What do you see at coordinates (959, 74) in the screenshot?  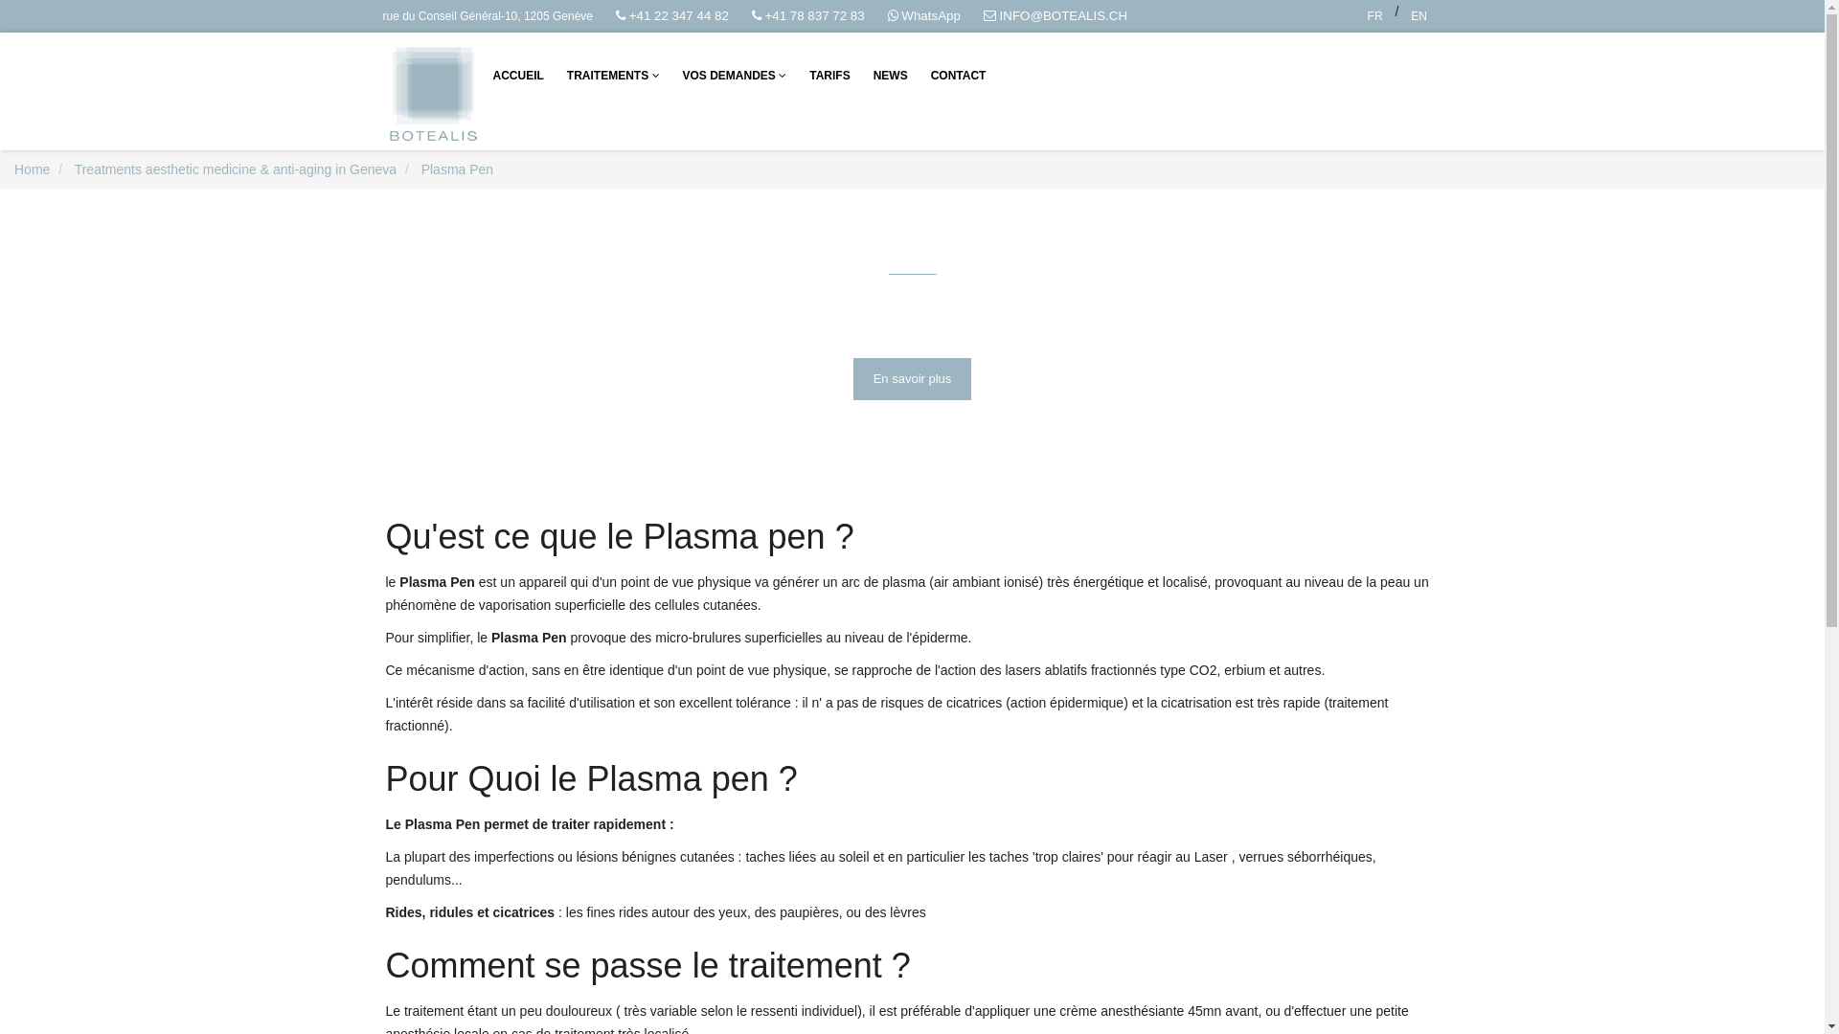 I see `'CONTACT'` at bounding box center [959, 74].